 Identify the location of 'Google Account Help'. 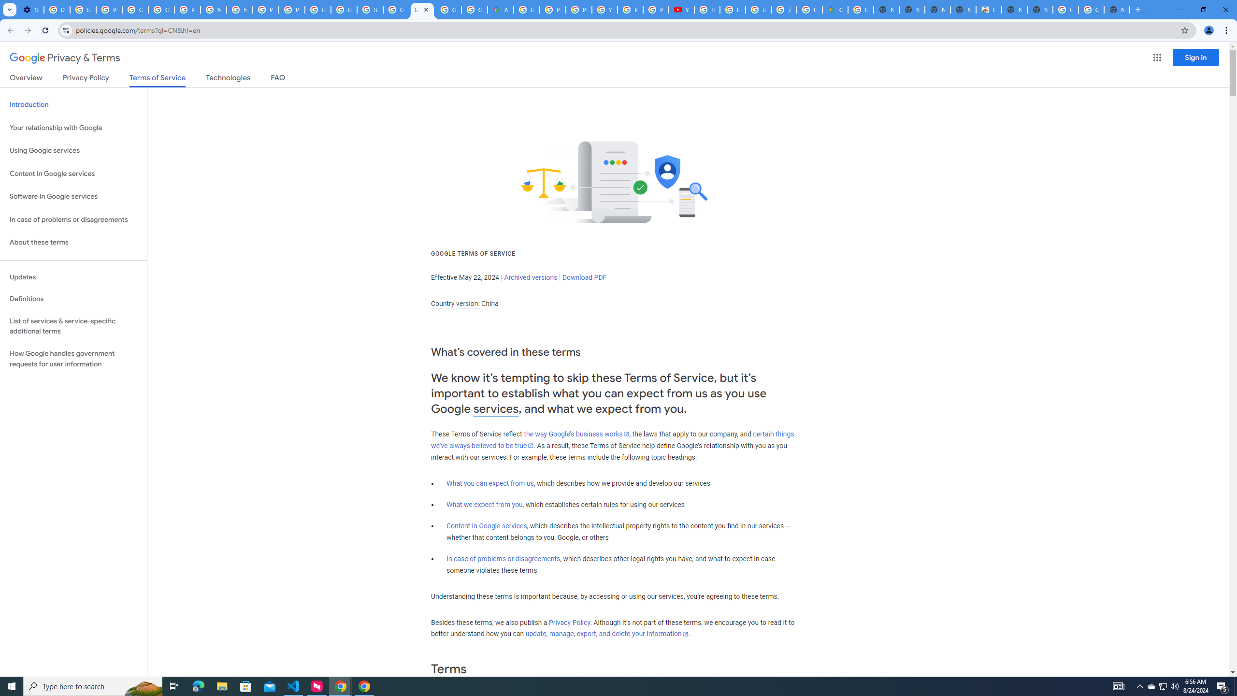
(134, 9).